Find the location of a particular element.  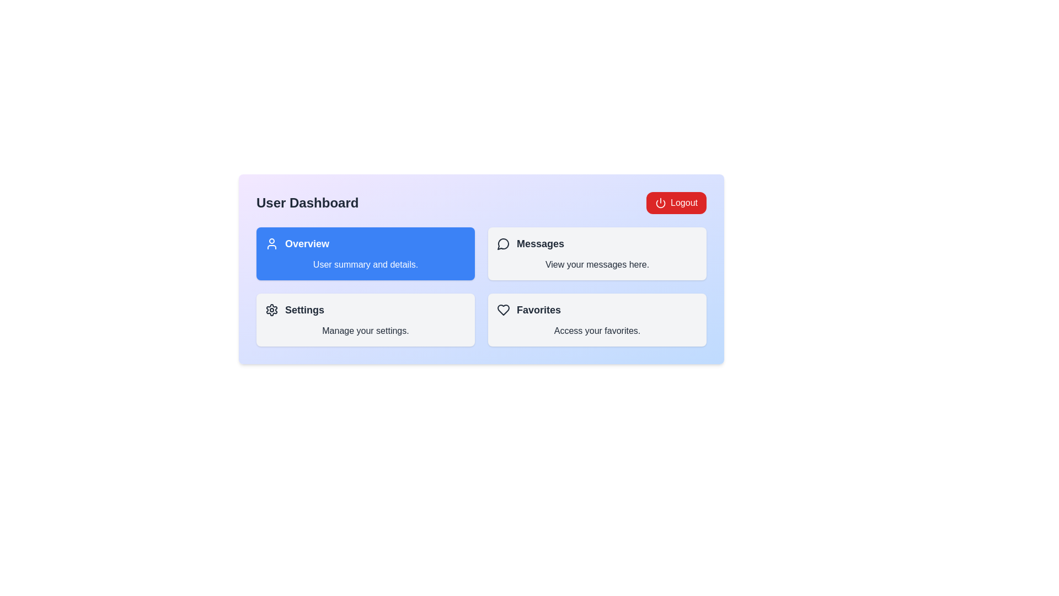

the 'Messages' text label, which is styled in bold and larger font, located at the top-right of the dashboard interface adjacent to a red 'Logout' button is located at coordinates (597, 243).